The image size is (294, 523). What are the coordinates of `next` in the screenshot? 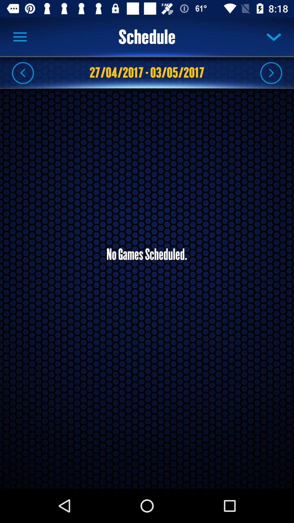 It's located at (271, 72).